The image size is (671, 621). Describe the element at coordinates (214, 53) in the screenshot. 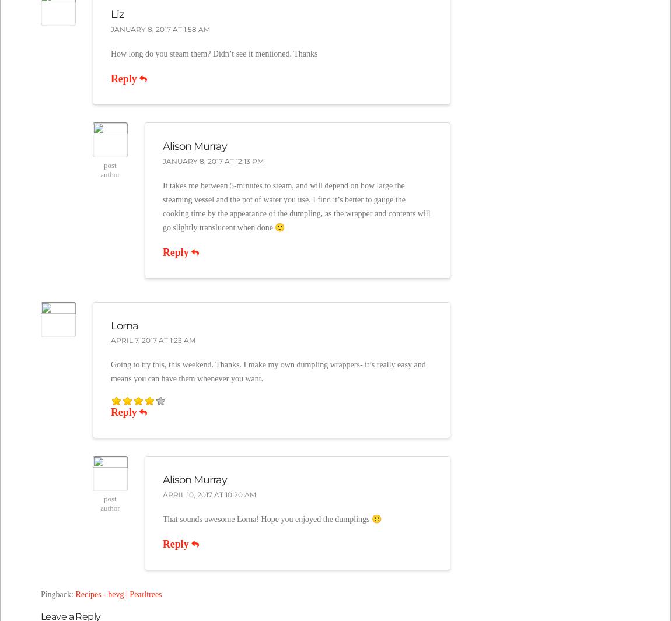

I see `'How long do you steam them? Didn’t see it mentioned. Thanks'` at that location.